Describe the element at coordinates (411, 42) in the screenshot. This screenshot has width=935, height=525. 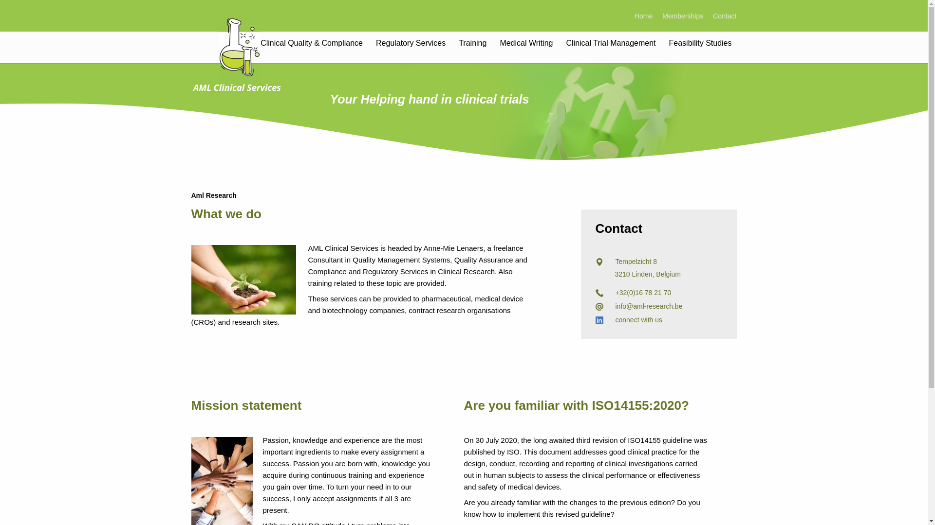
I see `'Regulatory Services'` at that location.